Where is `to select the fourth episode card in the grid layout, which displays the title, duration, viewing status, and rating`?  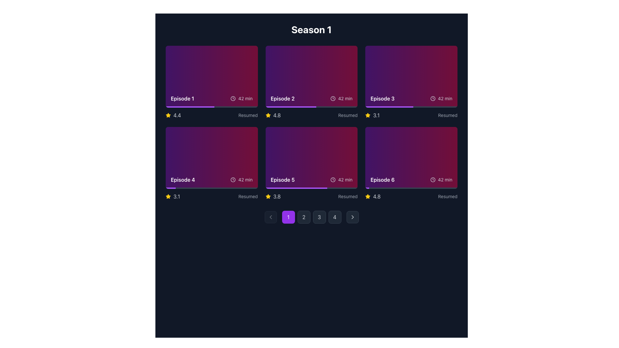 to select the fourth episode card in the grid layout, which displays the title, duration, viewing status, and rating is located at coordinates (211, 163).